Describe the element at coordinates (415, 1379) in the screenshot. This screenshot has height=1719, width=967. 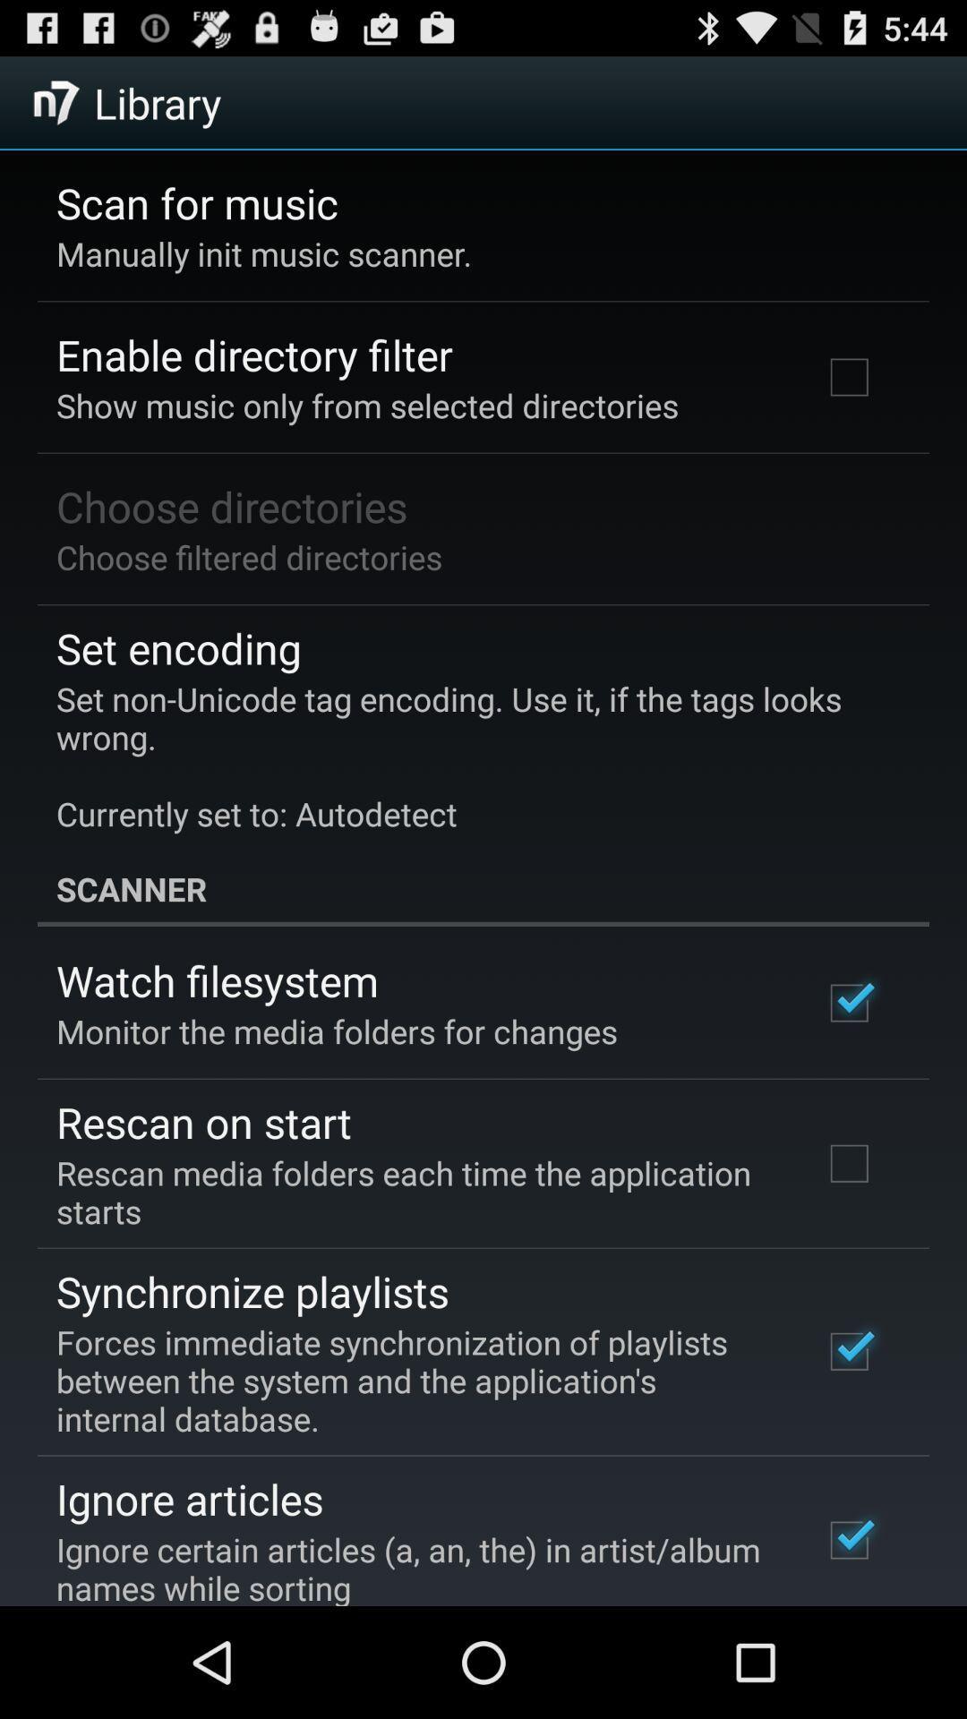
I see `forces immediate synchronization` at that location.